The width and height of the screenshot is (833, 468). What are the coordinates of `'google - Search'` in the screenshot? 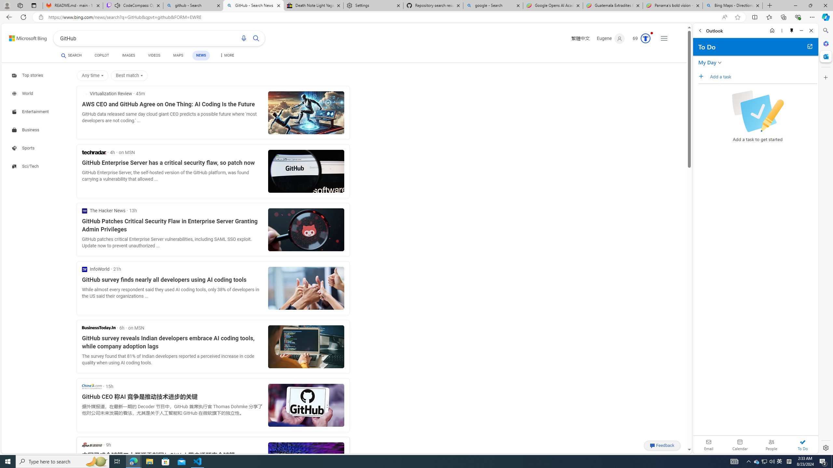 It's located at (493, 5).